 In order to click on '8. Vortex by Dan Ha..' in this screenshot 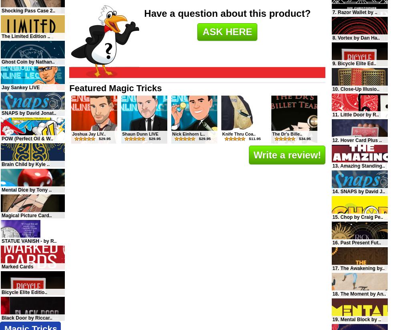, I will do `click(356, 38)`.